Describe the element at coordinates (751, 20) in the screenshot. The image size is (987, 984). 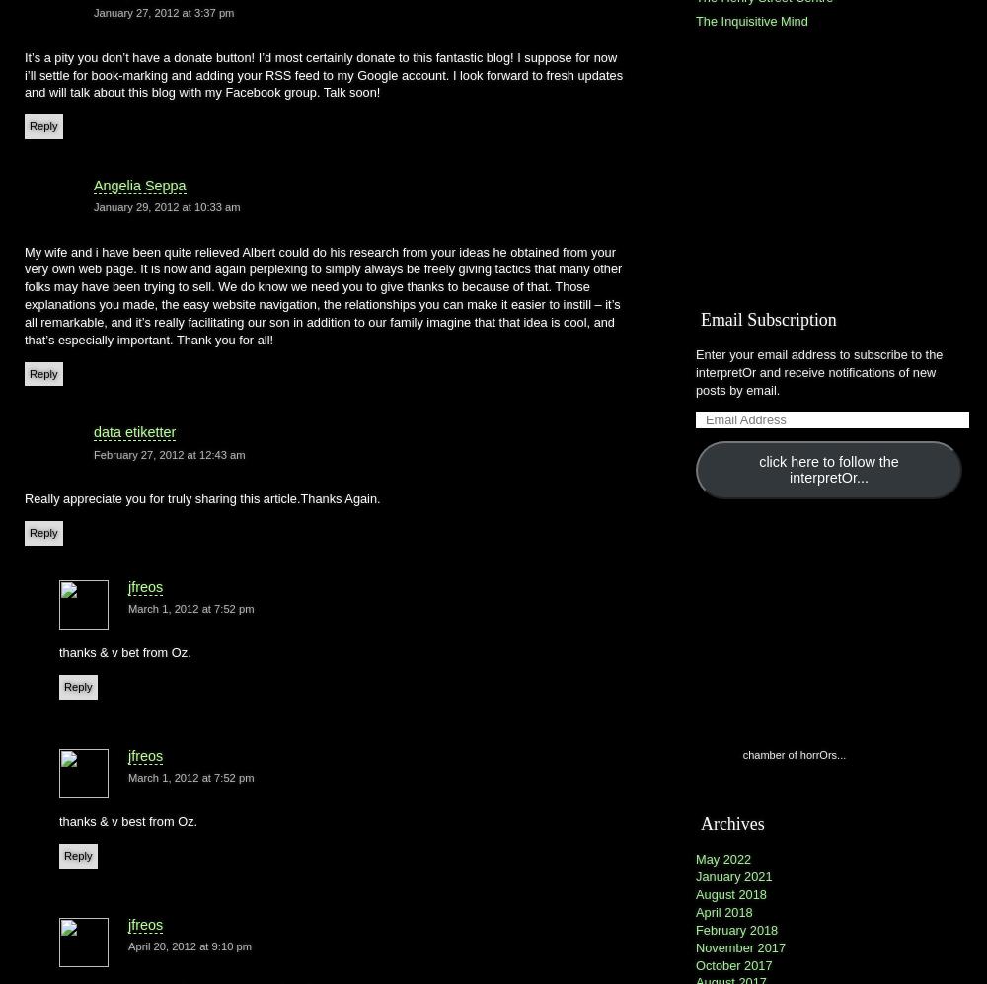
I see `'The Inquisitive Mind'` at that location.